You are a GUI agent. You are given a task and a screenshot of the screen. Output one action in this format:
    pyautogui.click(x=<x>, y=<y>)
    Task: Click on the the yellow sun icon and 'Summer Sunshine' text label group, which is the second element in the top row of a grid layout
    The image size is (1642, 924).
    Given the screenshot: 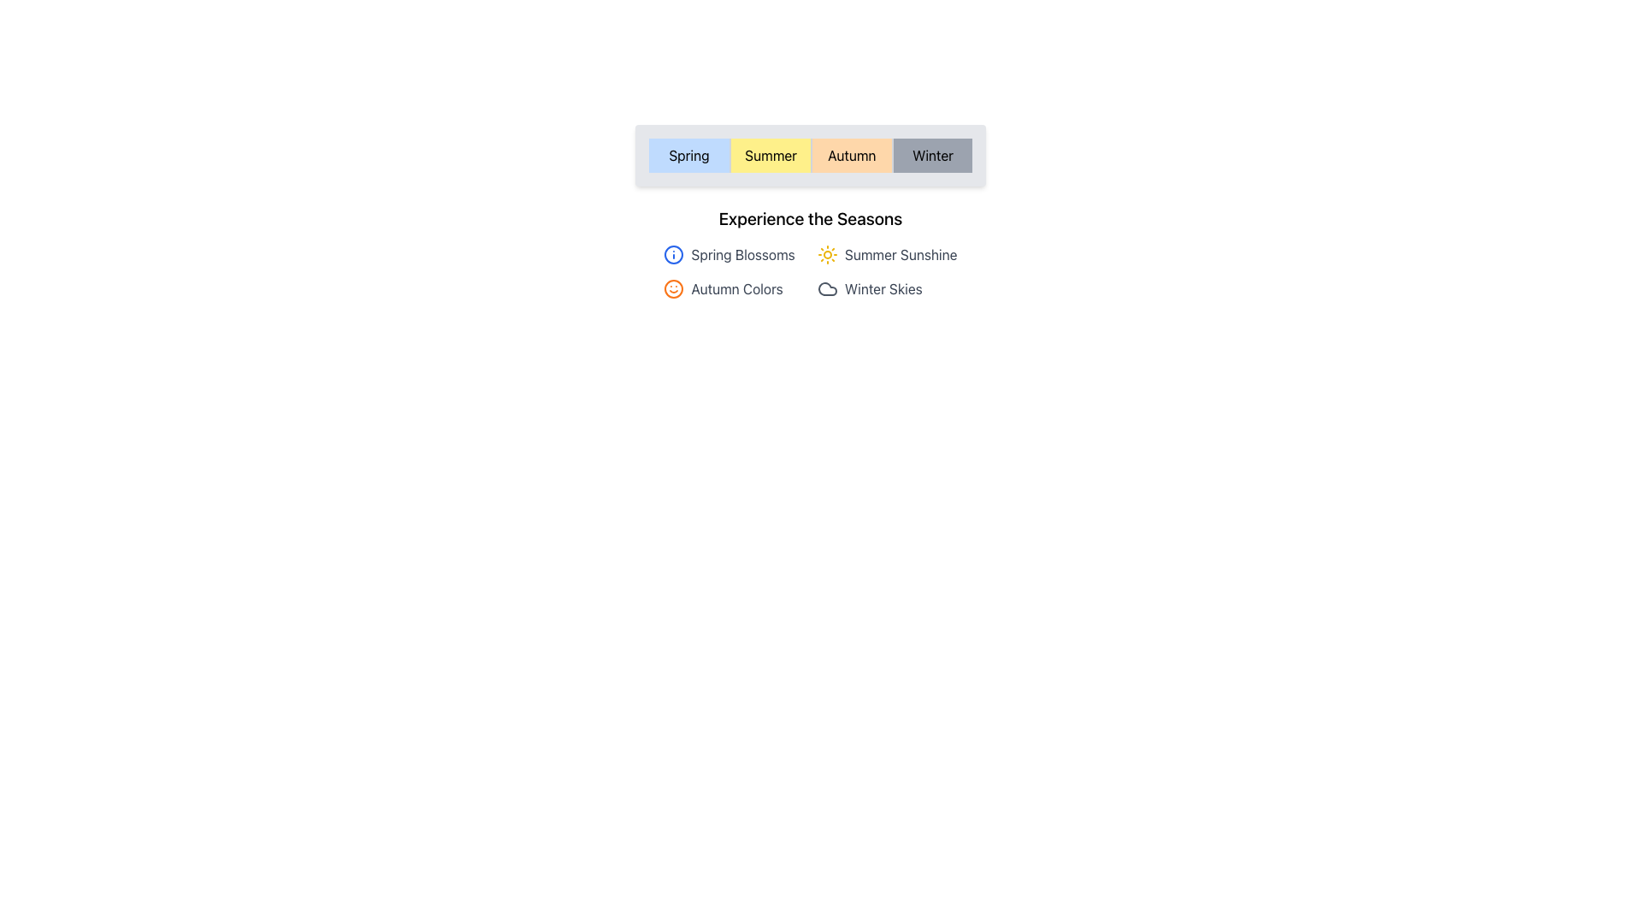 What is the action you would take?
    pyautogui.click(x=887, y=254)
    